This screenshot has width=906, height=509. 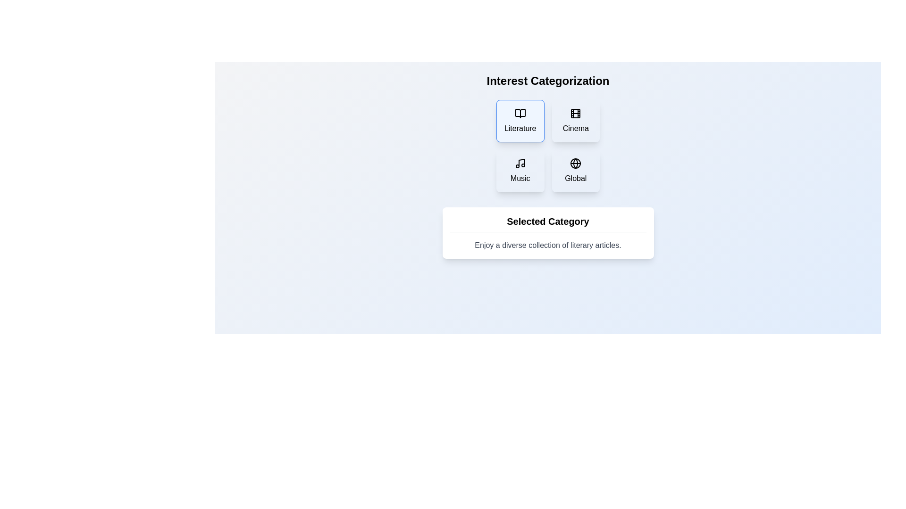 I want to click on the Text Label indicating 'Interest Categorization', which serves as the header for the section functionalities, so click(x=548, y=81).